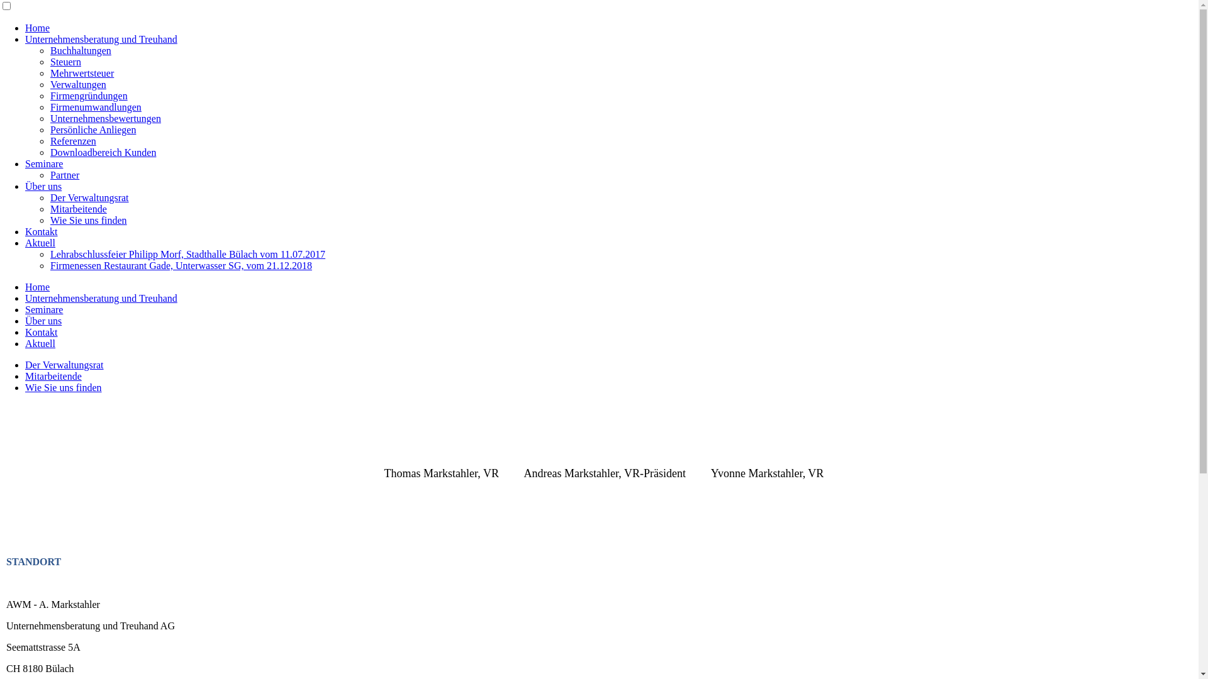 The height and width of the screenshot is (679, 1208). I want to click on 'Unternehmensberatung und Treuhand', so click(101, 38).